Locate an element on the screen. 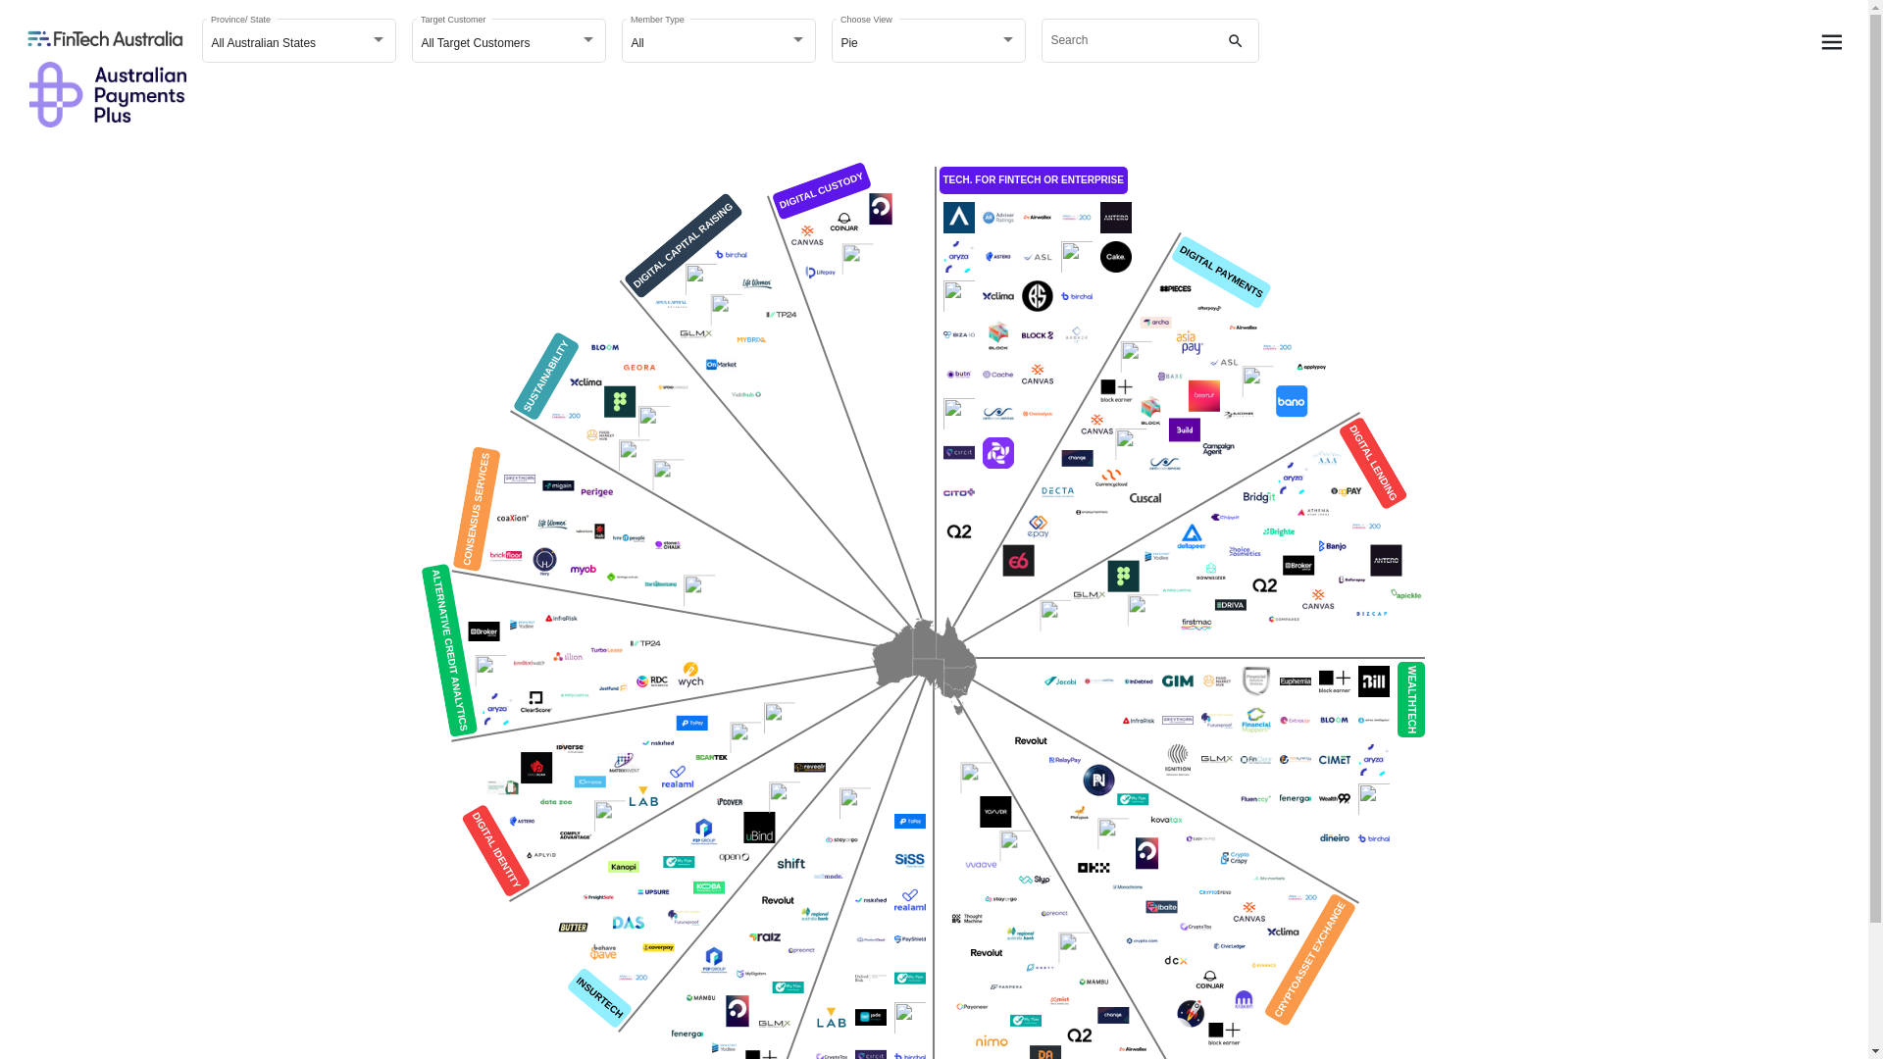  'Selfmade Super Financial Services' is located at coordinates (828, 876).